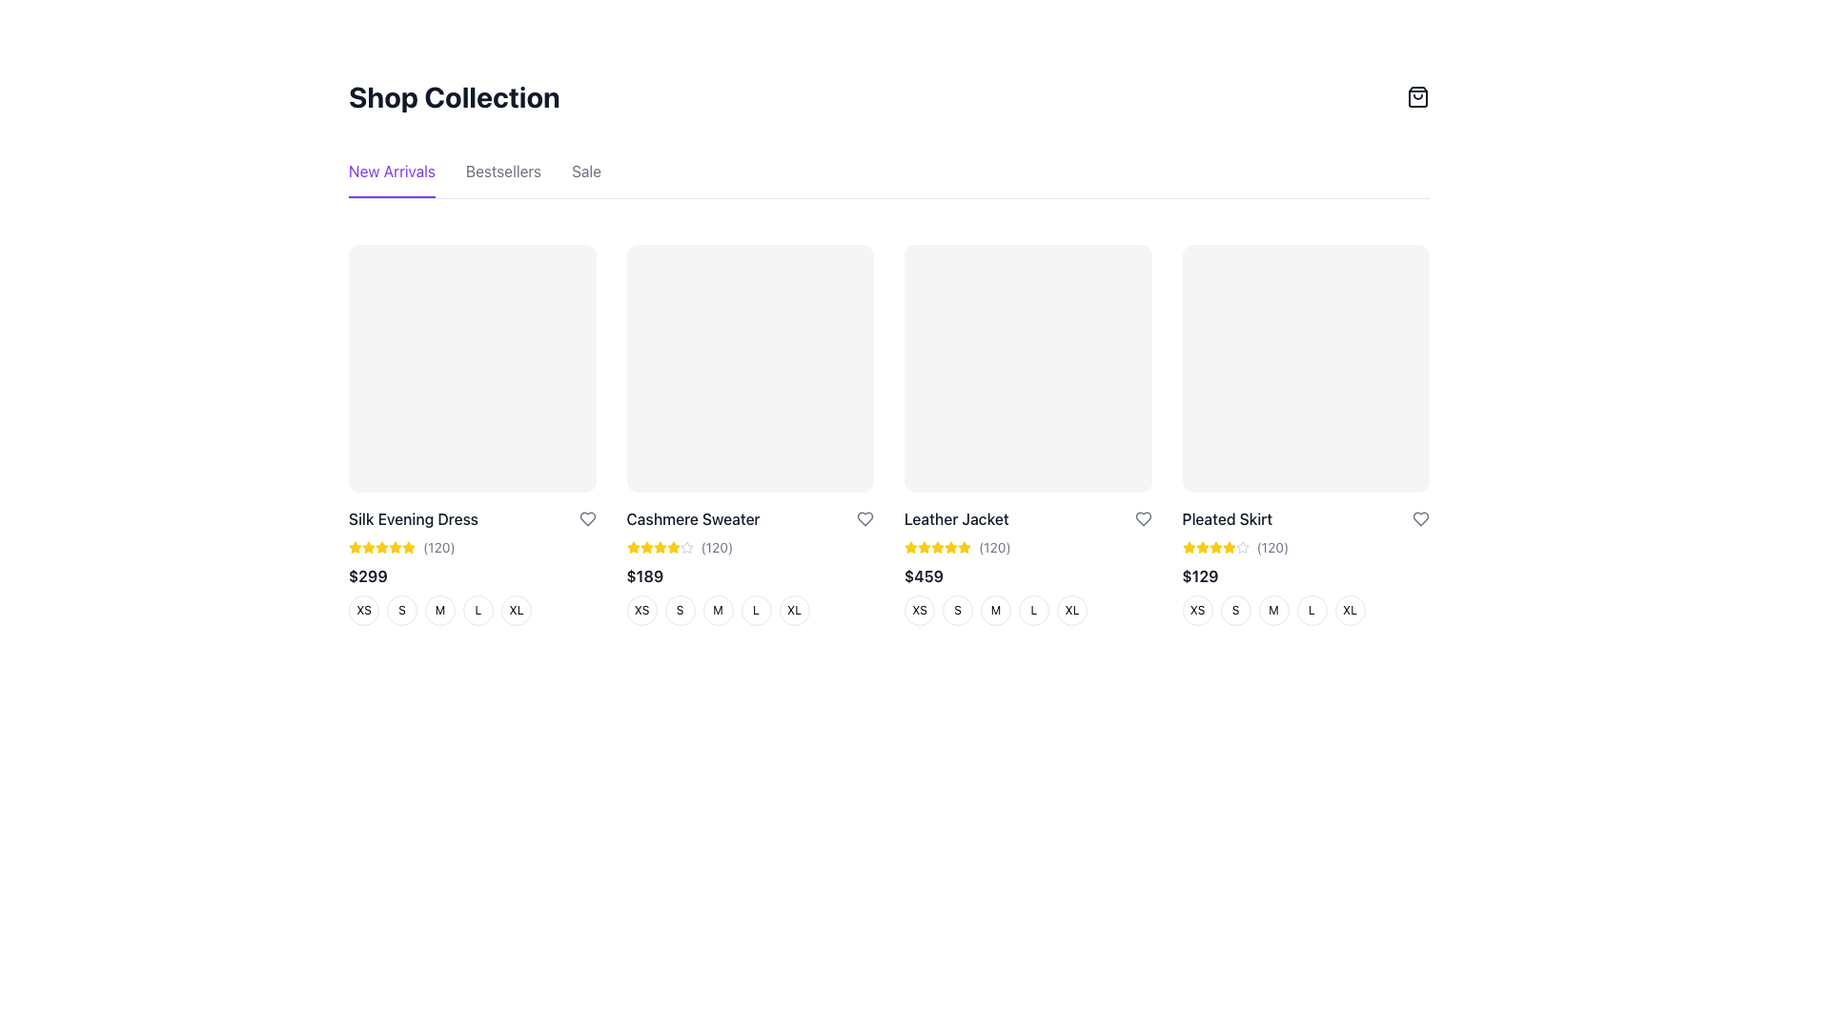 The image size is (1830, 1029). Describe the element at coordinates (965, 547) in the screenshot. I see `the second star in the 5-star rating system located below the 'Leather Jacket' product title in the 'Shop Collection' section` at that location.